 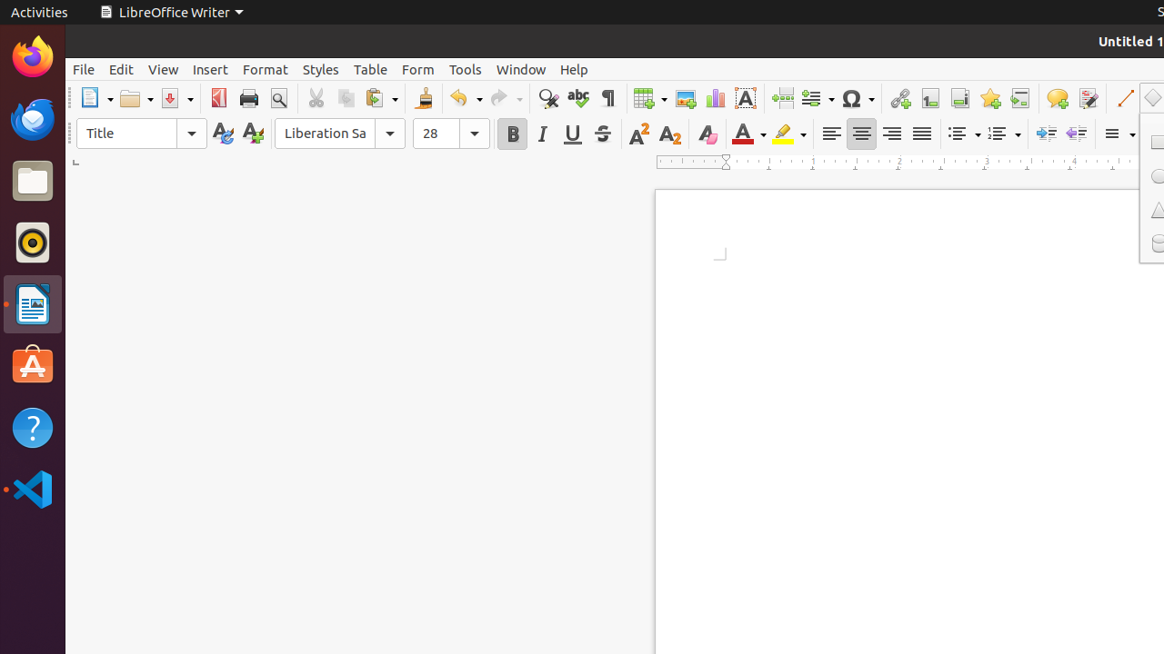 I want to click on 'Cross-reference', so click(x=1019, y=98).